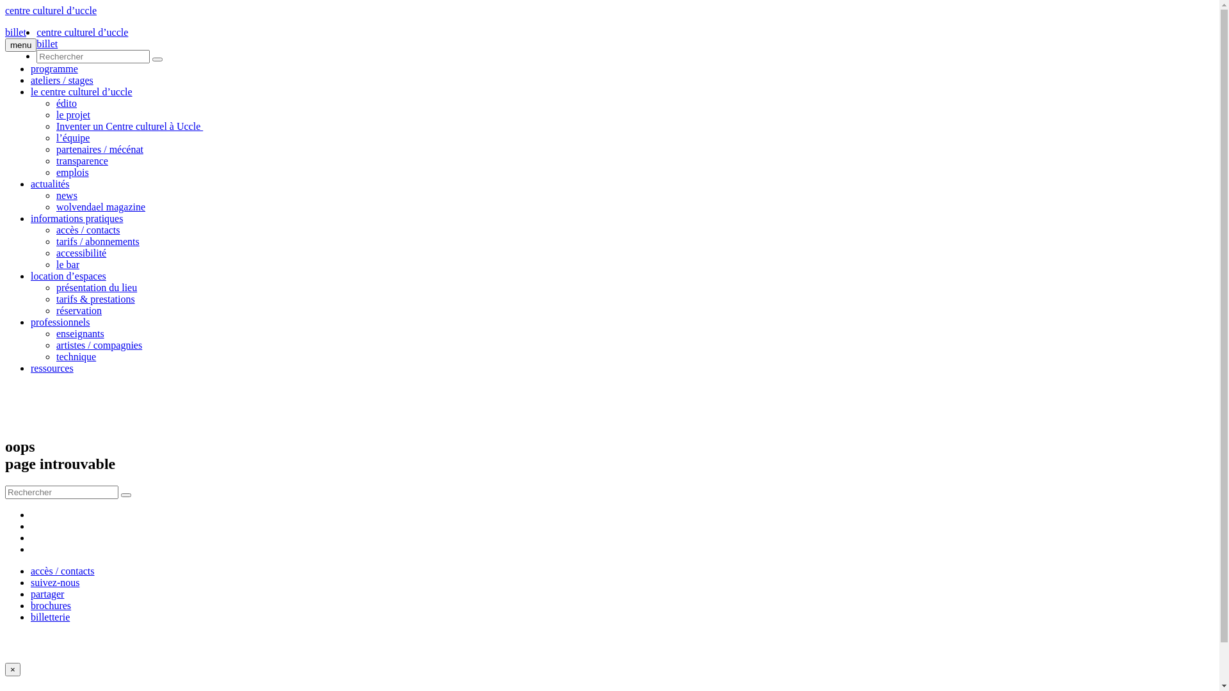  Describe the element at coordinates (31, 68) in the screenshot. I see `'programme'` at that location.